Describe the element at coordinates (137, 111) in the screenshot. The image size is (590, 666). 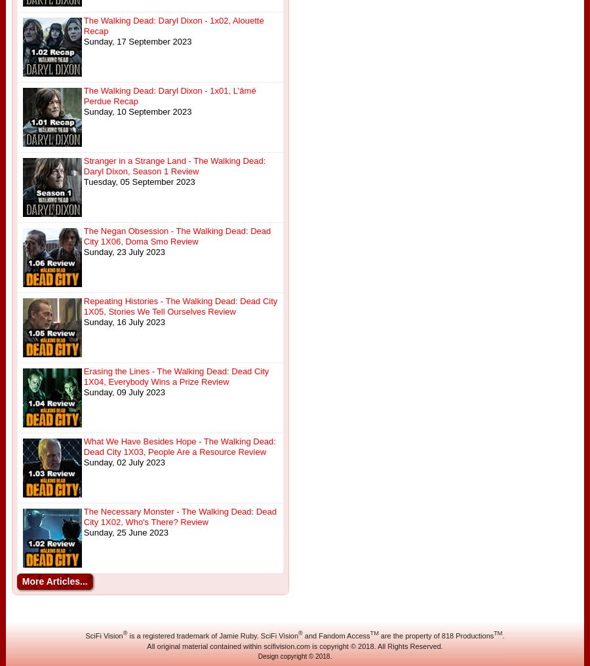
I see `'Sunday, 10 September 2023'` at that location.